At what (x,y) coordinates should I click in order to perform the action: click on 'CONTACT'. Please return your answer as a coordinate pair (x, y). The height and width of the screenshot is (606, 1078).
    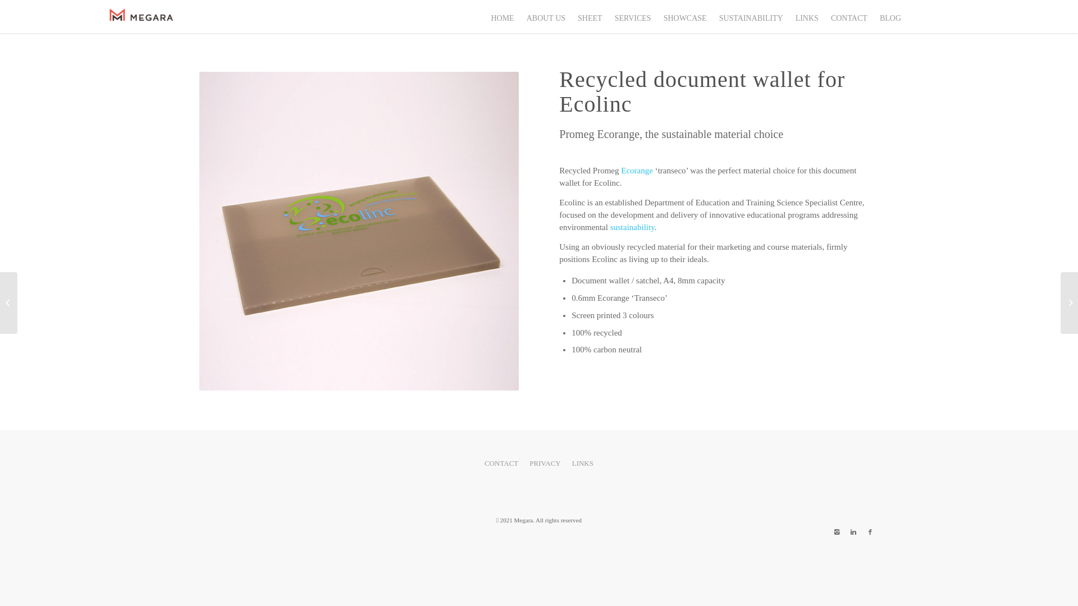
    Looking at the image, I should click on (500, 463).